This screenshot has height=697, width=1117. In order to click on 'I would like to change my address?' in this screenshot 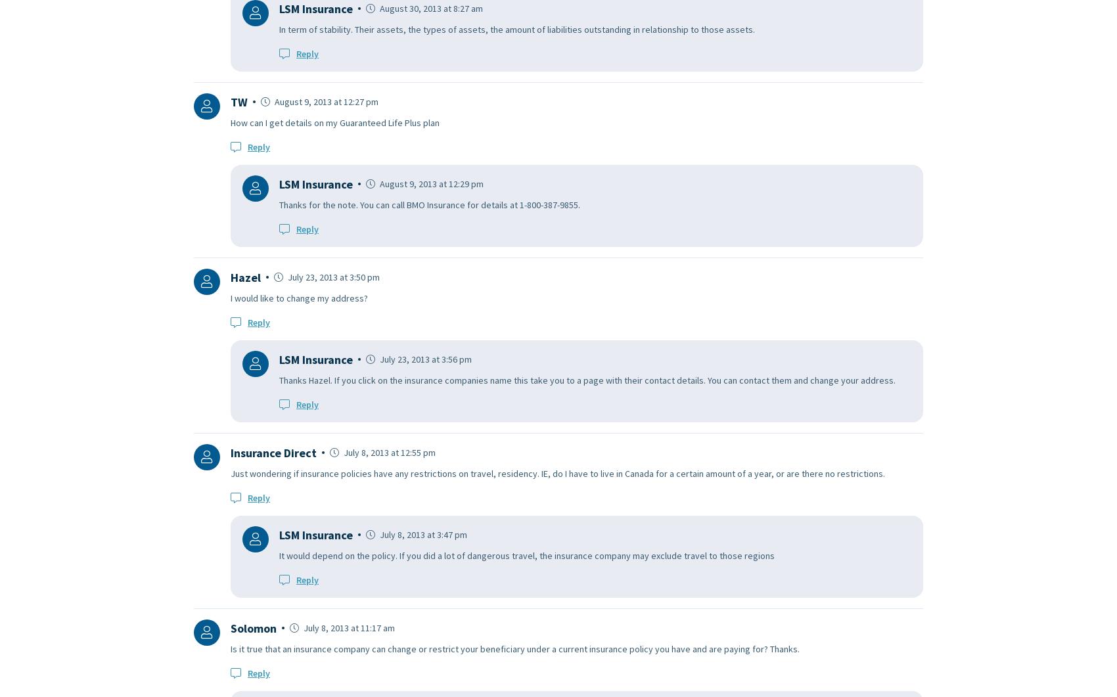, I will do `click(299, 298)`.